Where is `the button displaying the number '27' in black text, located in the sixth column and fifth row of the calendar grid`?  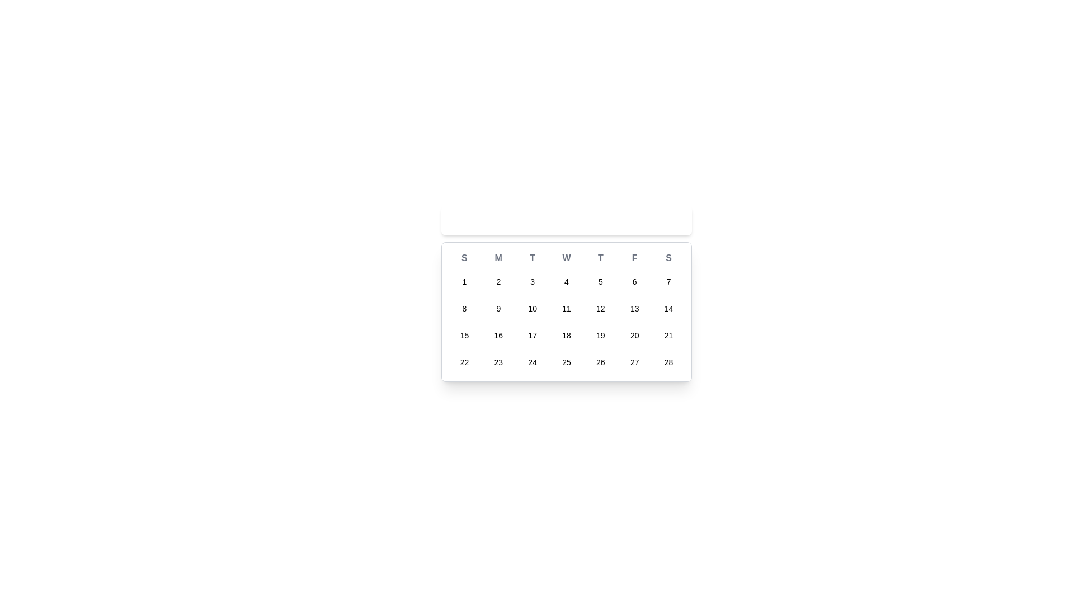
the button displaying the number '27' in black text, located in the sixth column and fifth row of the calendar grid is located at coordinates (634, 362).